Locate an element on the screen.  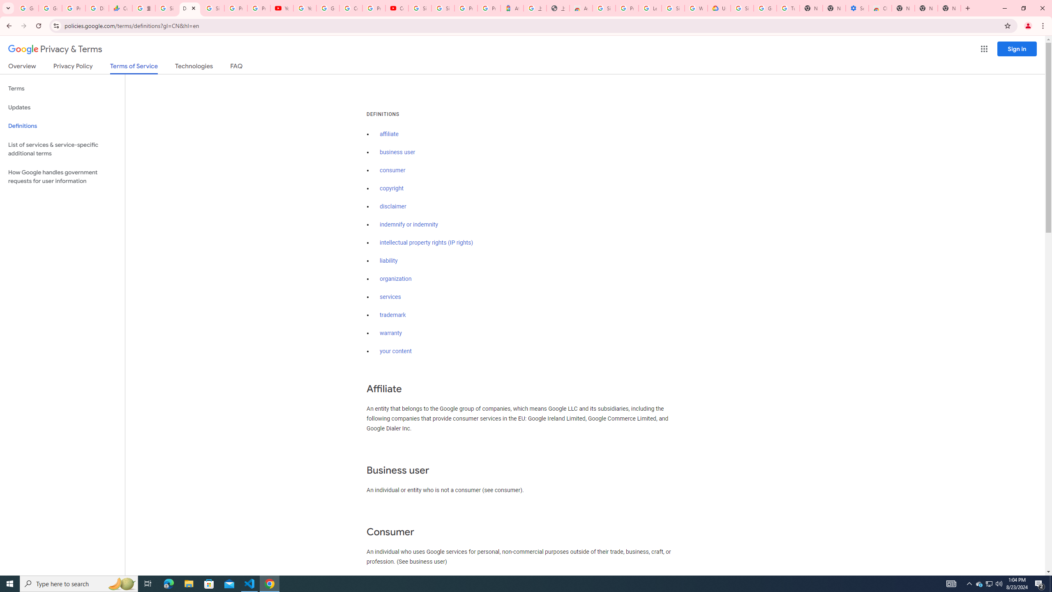
'business user' is located at coordinates (397, 152).